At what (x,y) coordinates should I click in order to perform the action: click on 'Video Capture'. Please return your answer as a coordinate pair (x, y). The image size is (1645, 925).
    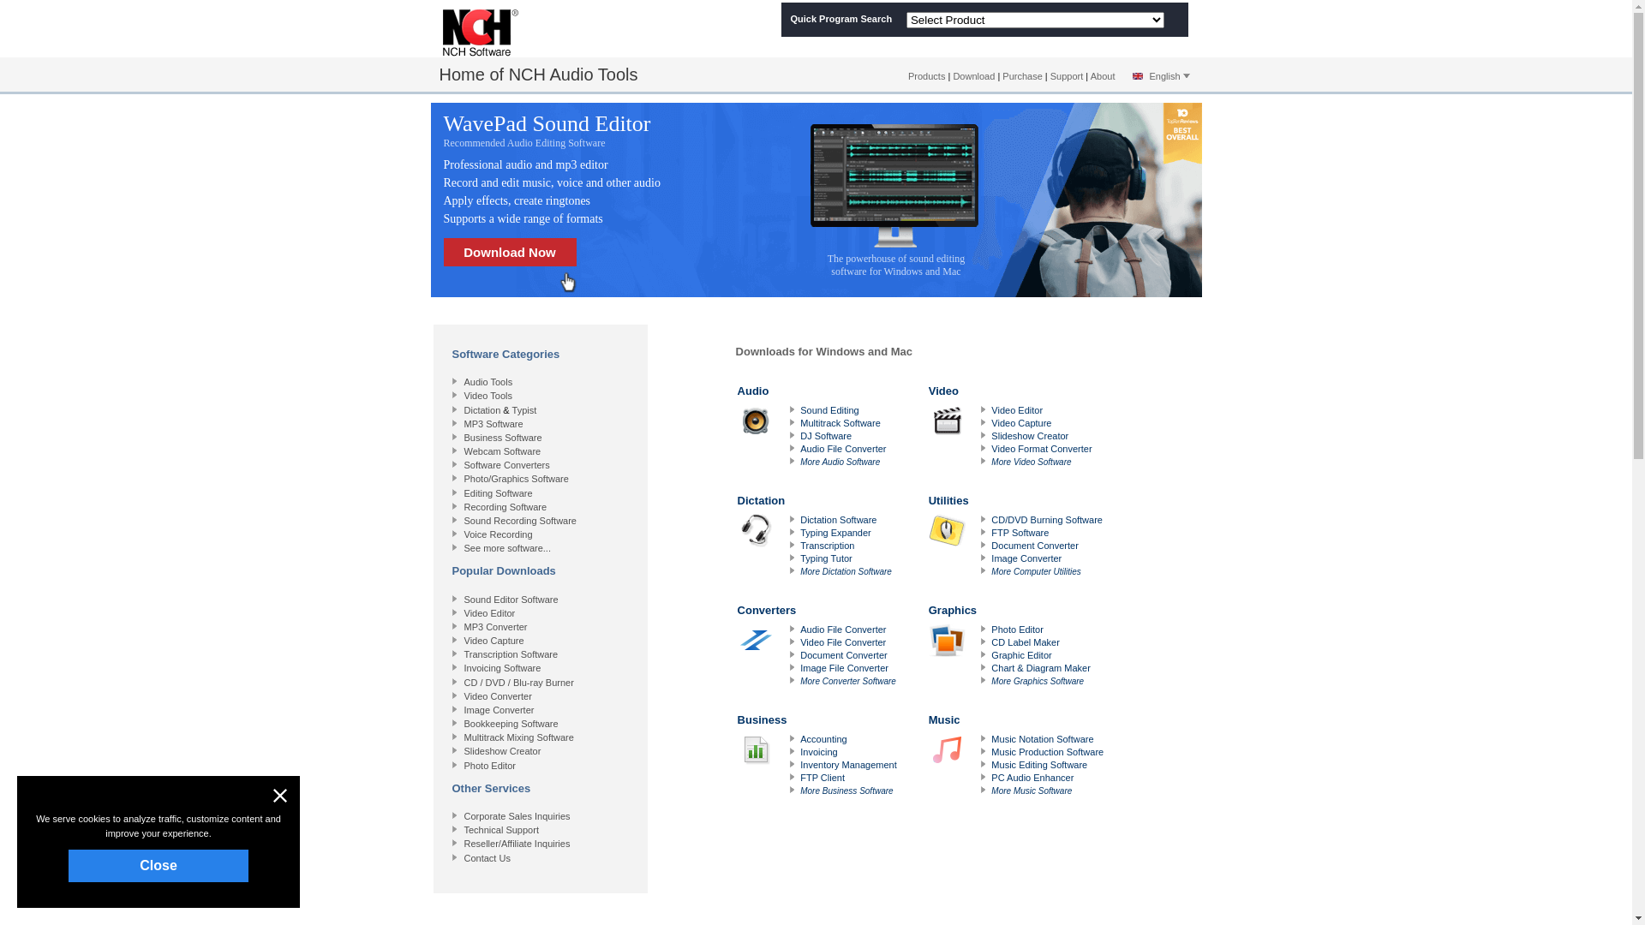
    Looking at the image, I should click on (493, 641).